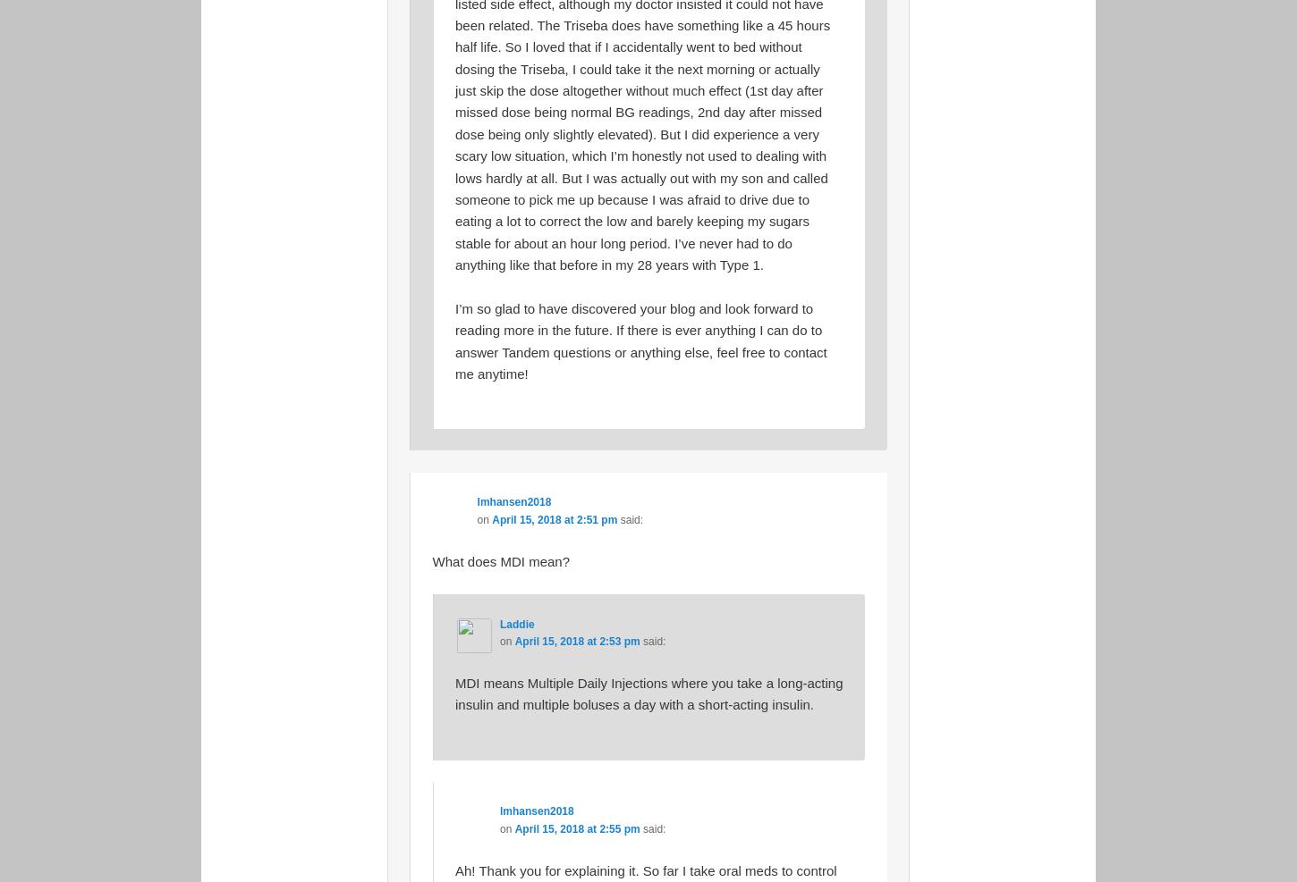 This screenshot has width=1297, height=882. Describe the element at coordinates (554, 518) in the screenshot. I see `'April 15, 2018 at 2:51 pm'` at that location.